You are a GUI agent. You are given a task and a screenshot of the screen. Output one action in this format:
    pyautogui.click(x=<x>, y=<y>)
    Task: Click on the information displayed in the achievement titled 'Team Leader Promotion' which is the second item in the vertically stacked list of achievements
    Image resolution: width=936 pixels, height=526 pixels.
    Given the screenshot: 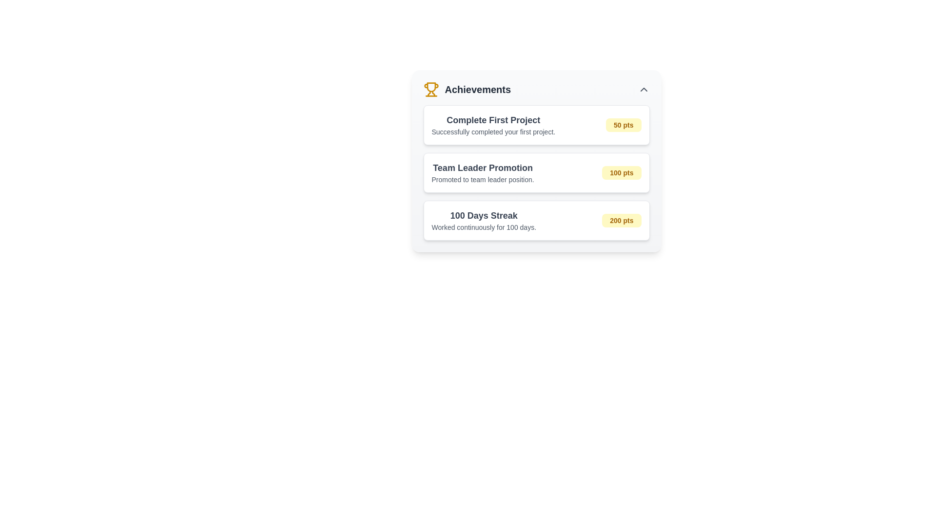 What is the action you would take?
    pyautogui.click(x=536, y=172)
    